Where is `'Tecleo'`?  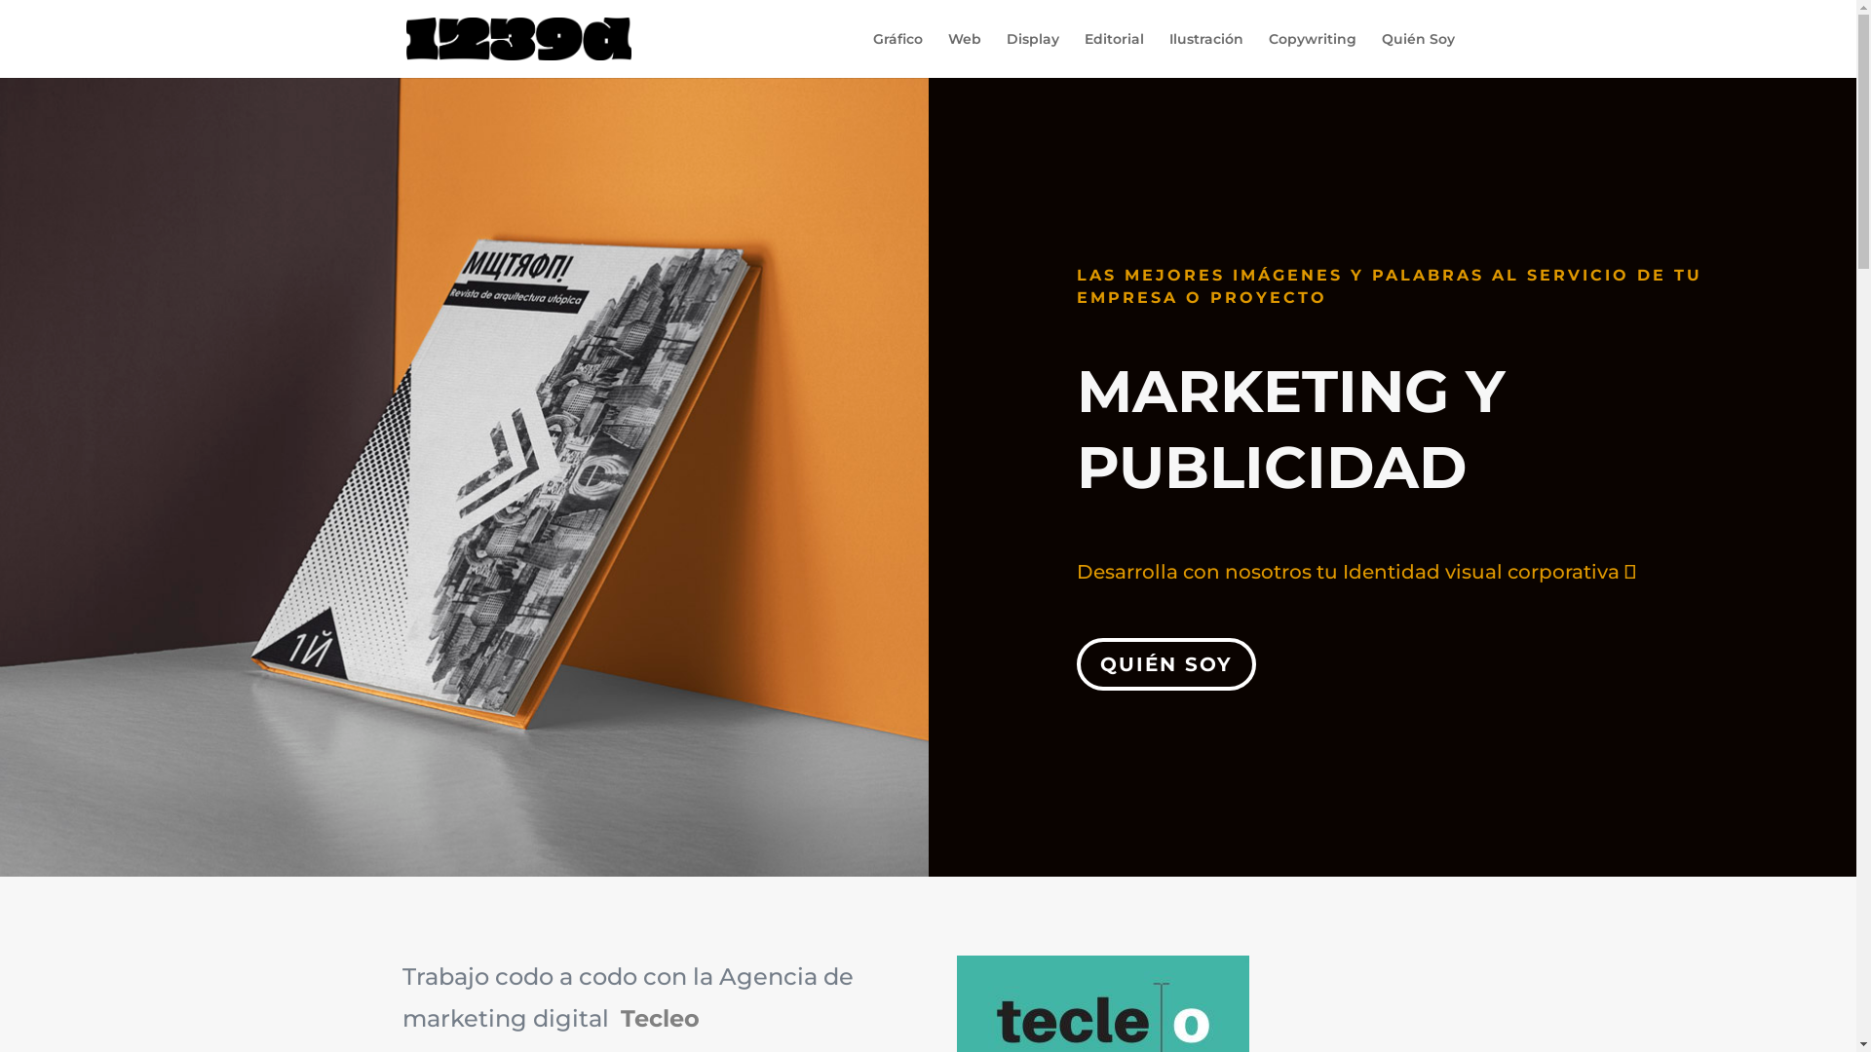
'Tecleo' is located at coordinates (618, 1017).